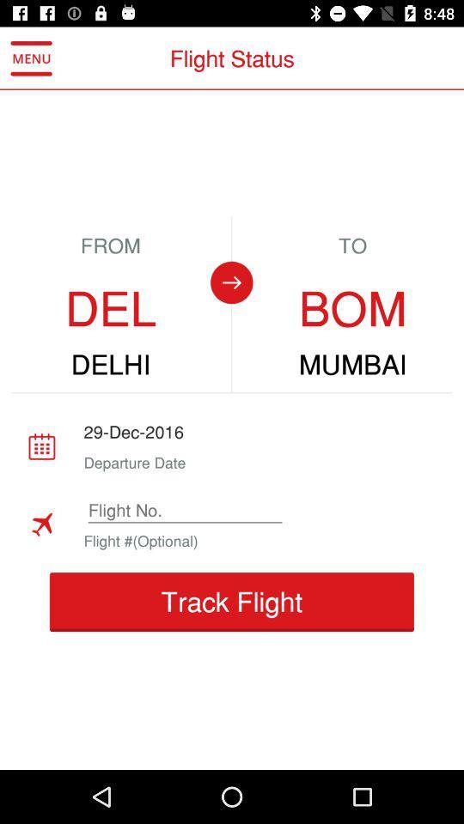 The width and height of the screenshot is (464, 824). Describe the element at coordinates (231, 282) in the screenshot. I see `this button is to allow you to chang the to part of the flight` at that location.